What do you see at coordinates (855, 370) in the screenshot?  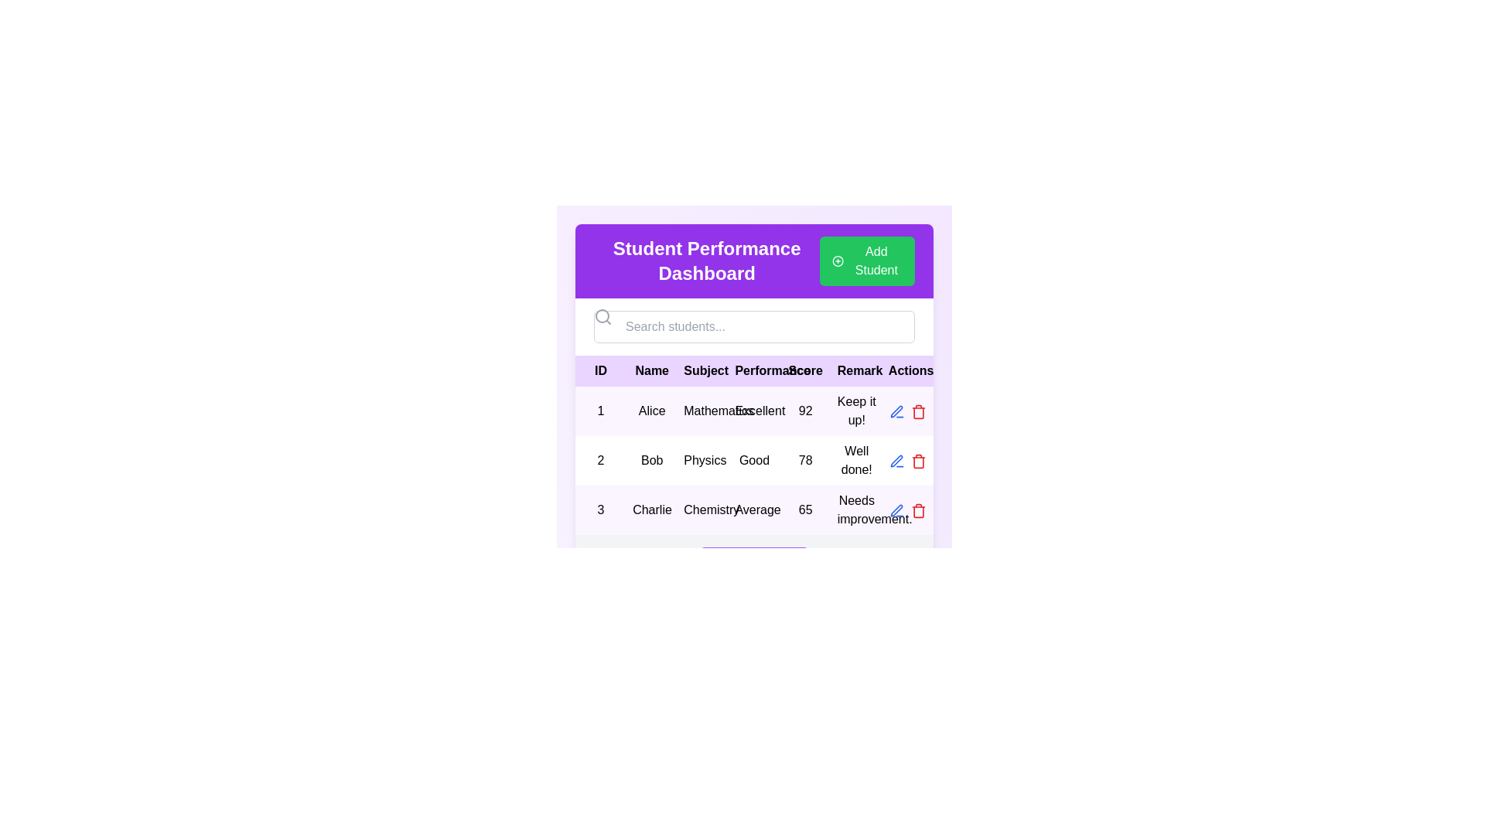 I see `the 'Remark' text label, which is a bold black font on a light purple background, located in the header section of the table, between the 'Score' and 'Actions' column headers` at bounding box center [855, 370].